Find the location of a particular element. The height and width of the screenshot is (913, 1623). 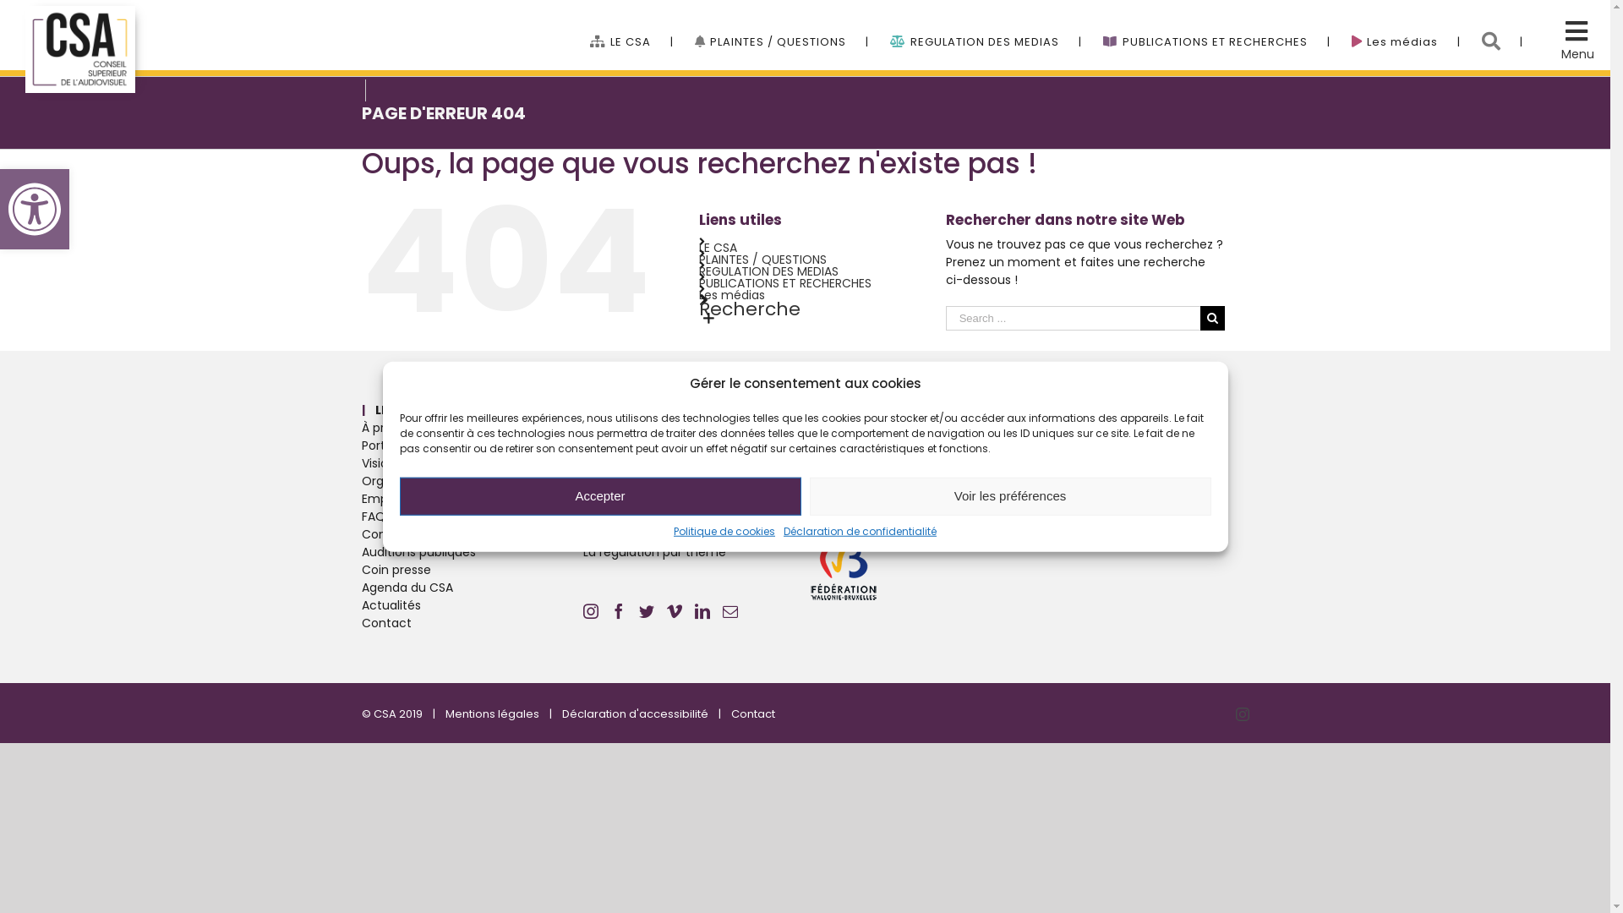

'Organigramme' is located at coordinates (473, 481).